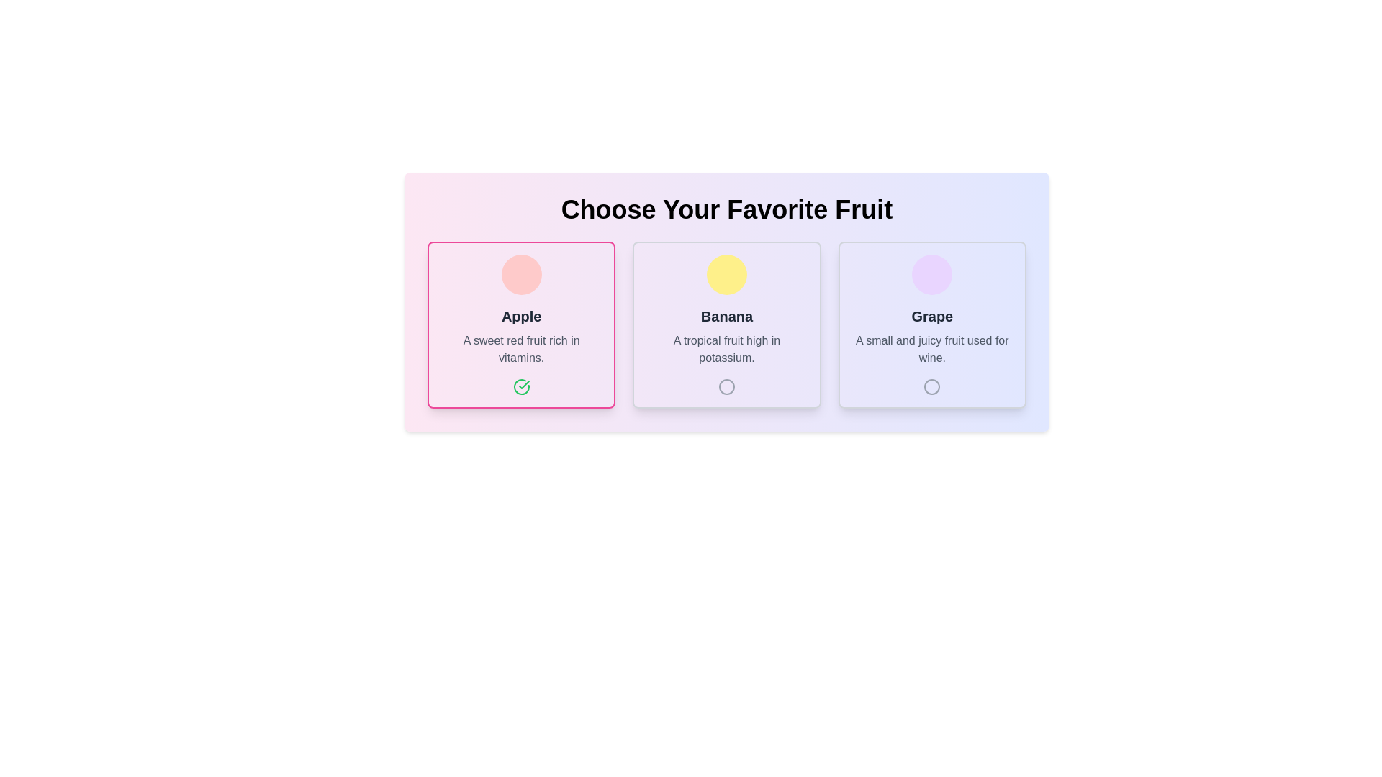  I want to click on the static text displaying 'A sweet red fruit rich in vitamins.' which is styled in light gray and centered below the title 'Apple', so click(520, 350).